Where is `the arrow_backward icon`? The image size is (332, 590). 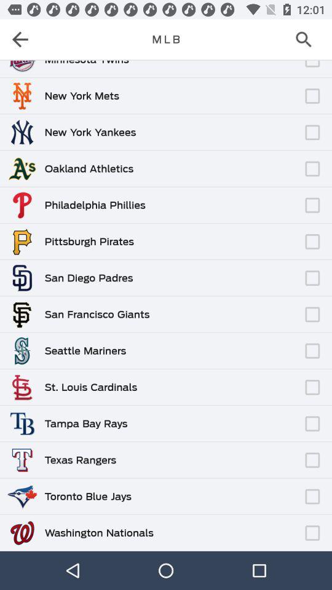 the arrow_backward icon is located at coordinates (24, 39).